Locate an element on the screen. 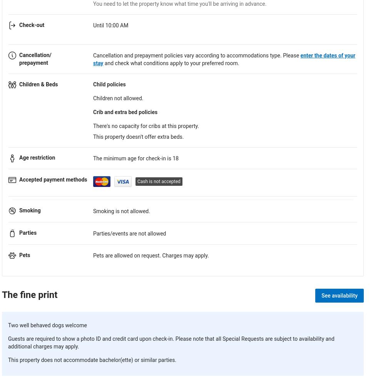 This screenshot has height=387, width=373. 'Crib and extra bed policies' is located at coordinates (125, 111).